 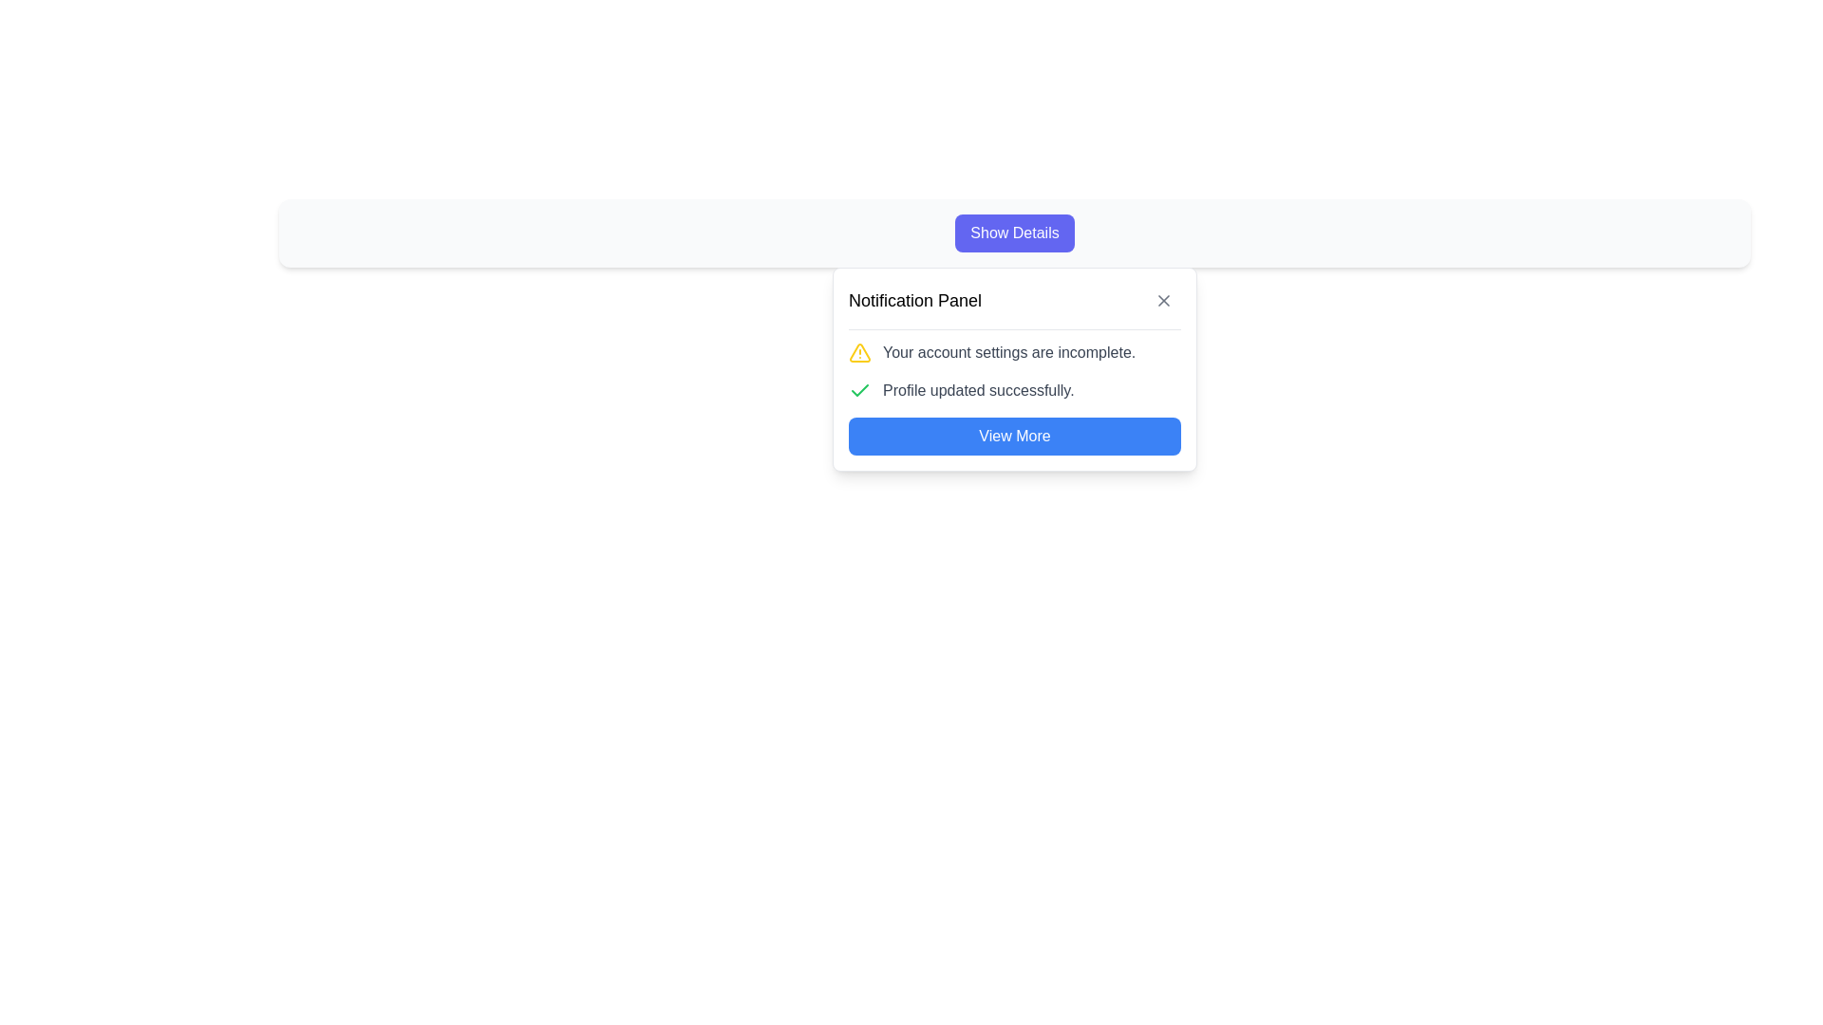 What do you see at coordinates (1014, 390) in the screenshot?
I see `notification message indicating that the user's profile has been updated successfully, which is the second message in the notification panel located below the message about account settings` at bounding box center [1014, 390].